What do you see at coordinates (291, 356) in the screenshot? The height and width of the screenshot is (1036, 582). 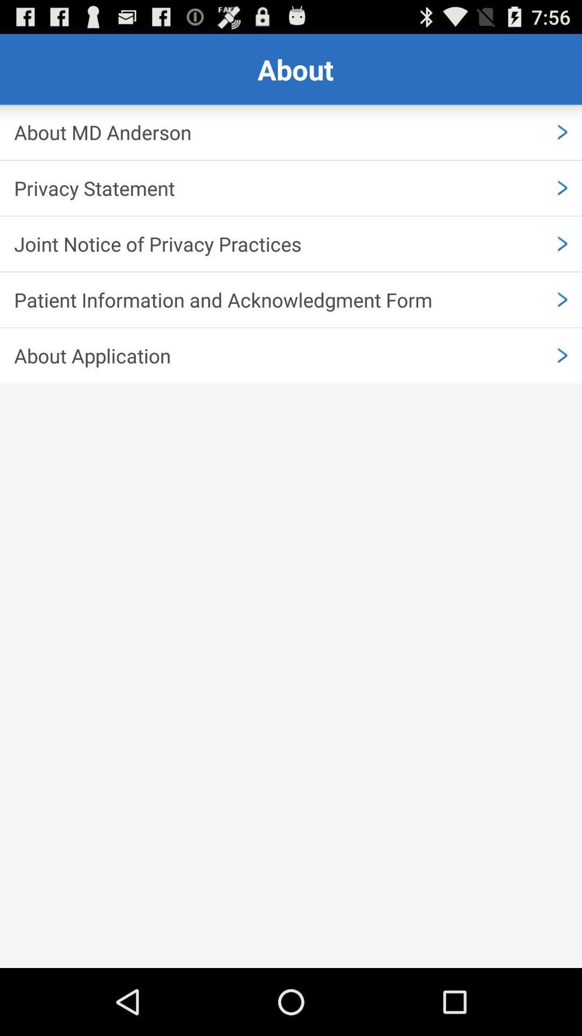 I see `about application item` at bounding box center [291, 356].